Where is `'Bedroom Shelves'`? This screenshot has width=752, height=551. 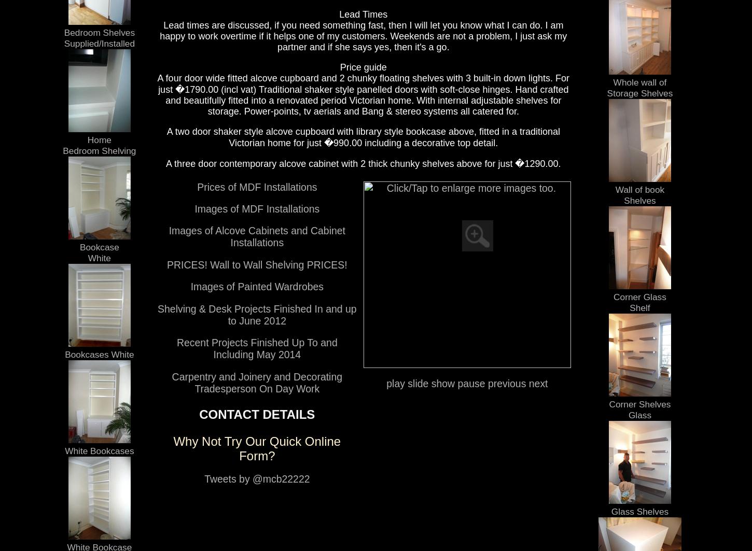 'Bedroom Shelves' is located at coordinates (63, 32).